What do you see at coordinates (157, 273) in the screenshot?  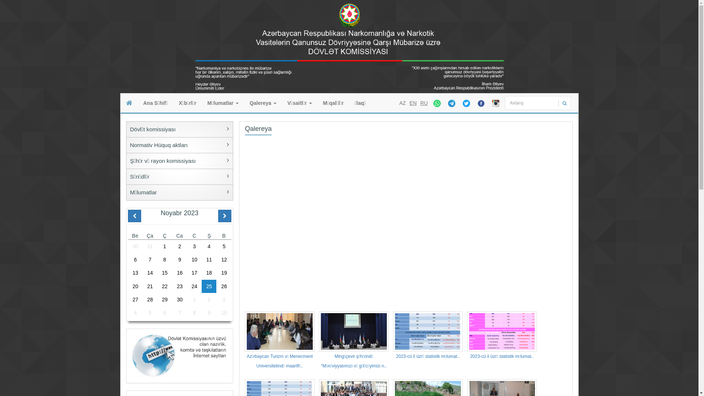 I see `'15'` at bounding box center [157, 273].